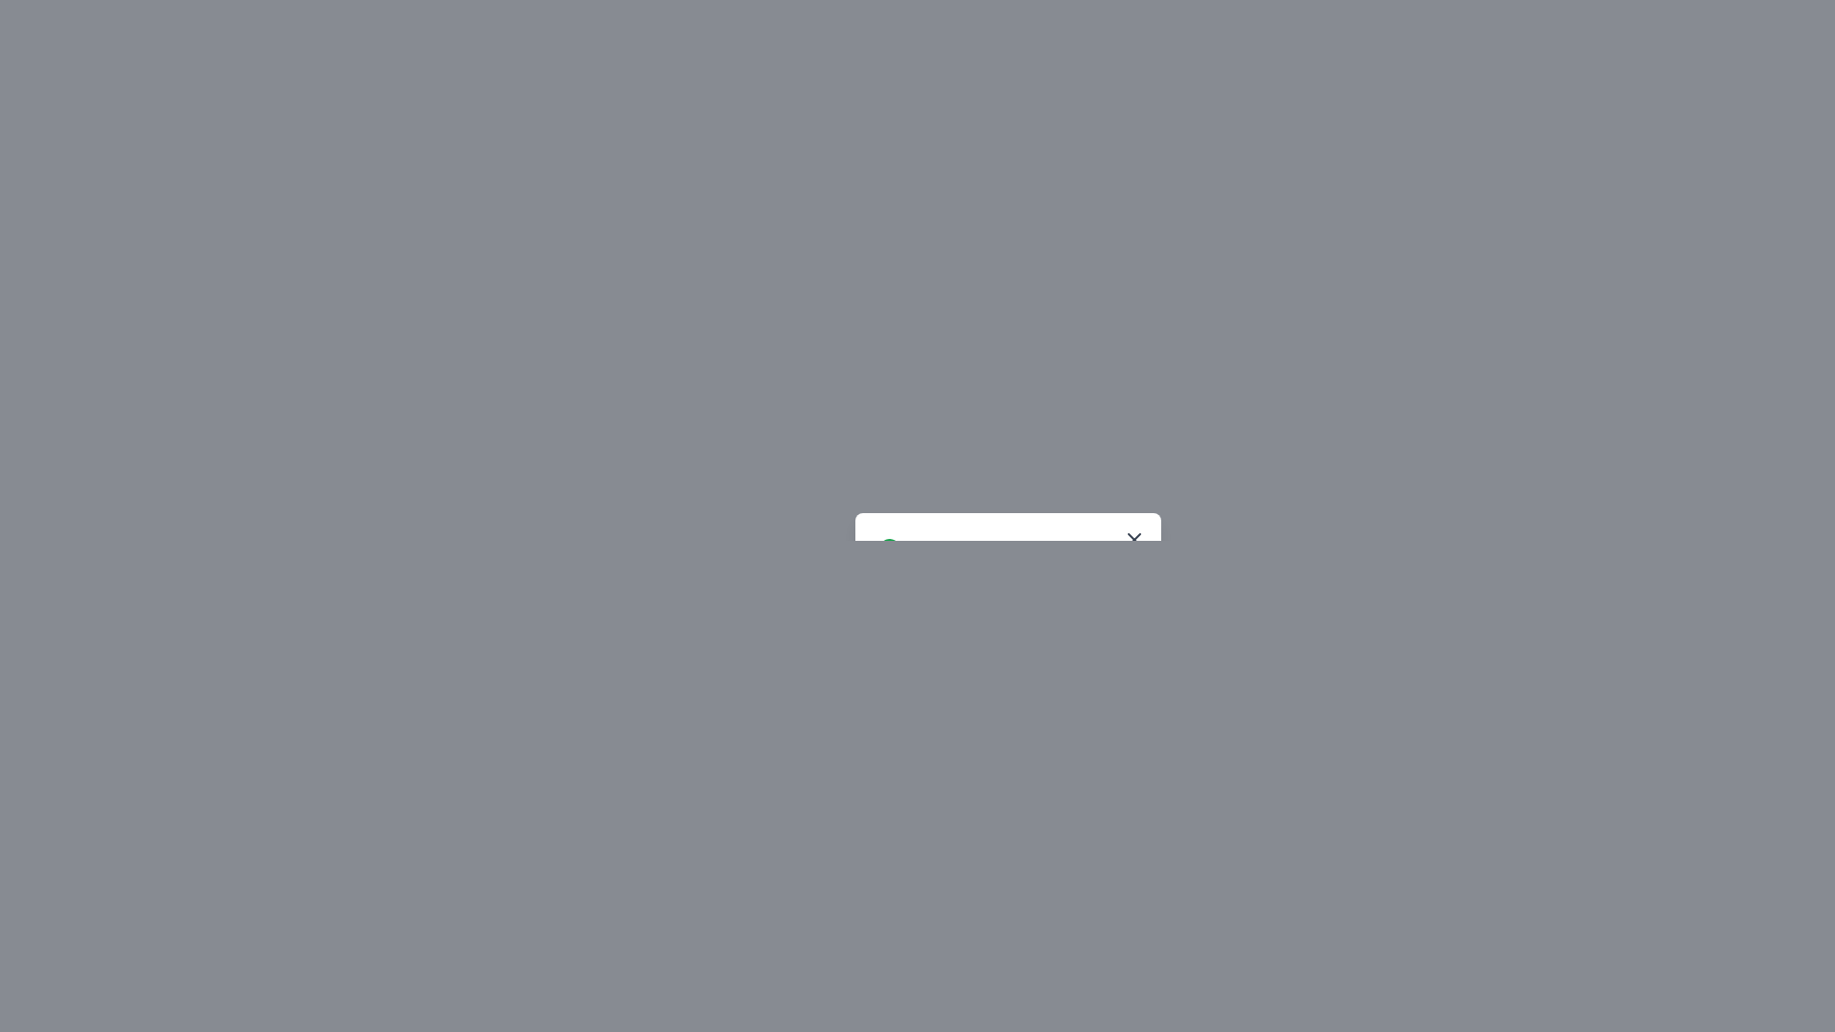 The width and height of the screenshot is (1835, 1032). What do you see at coordinates (1133, 539) in the screenshot?
I see `the 'X' icon, which is characterized by its diagonal cross-like shape with a thin stroke, to potentially display a tooltip or highlight effect` at bounding box center [1133, 539].